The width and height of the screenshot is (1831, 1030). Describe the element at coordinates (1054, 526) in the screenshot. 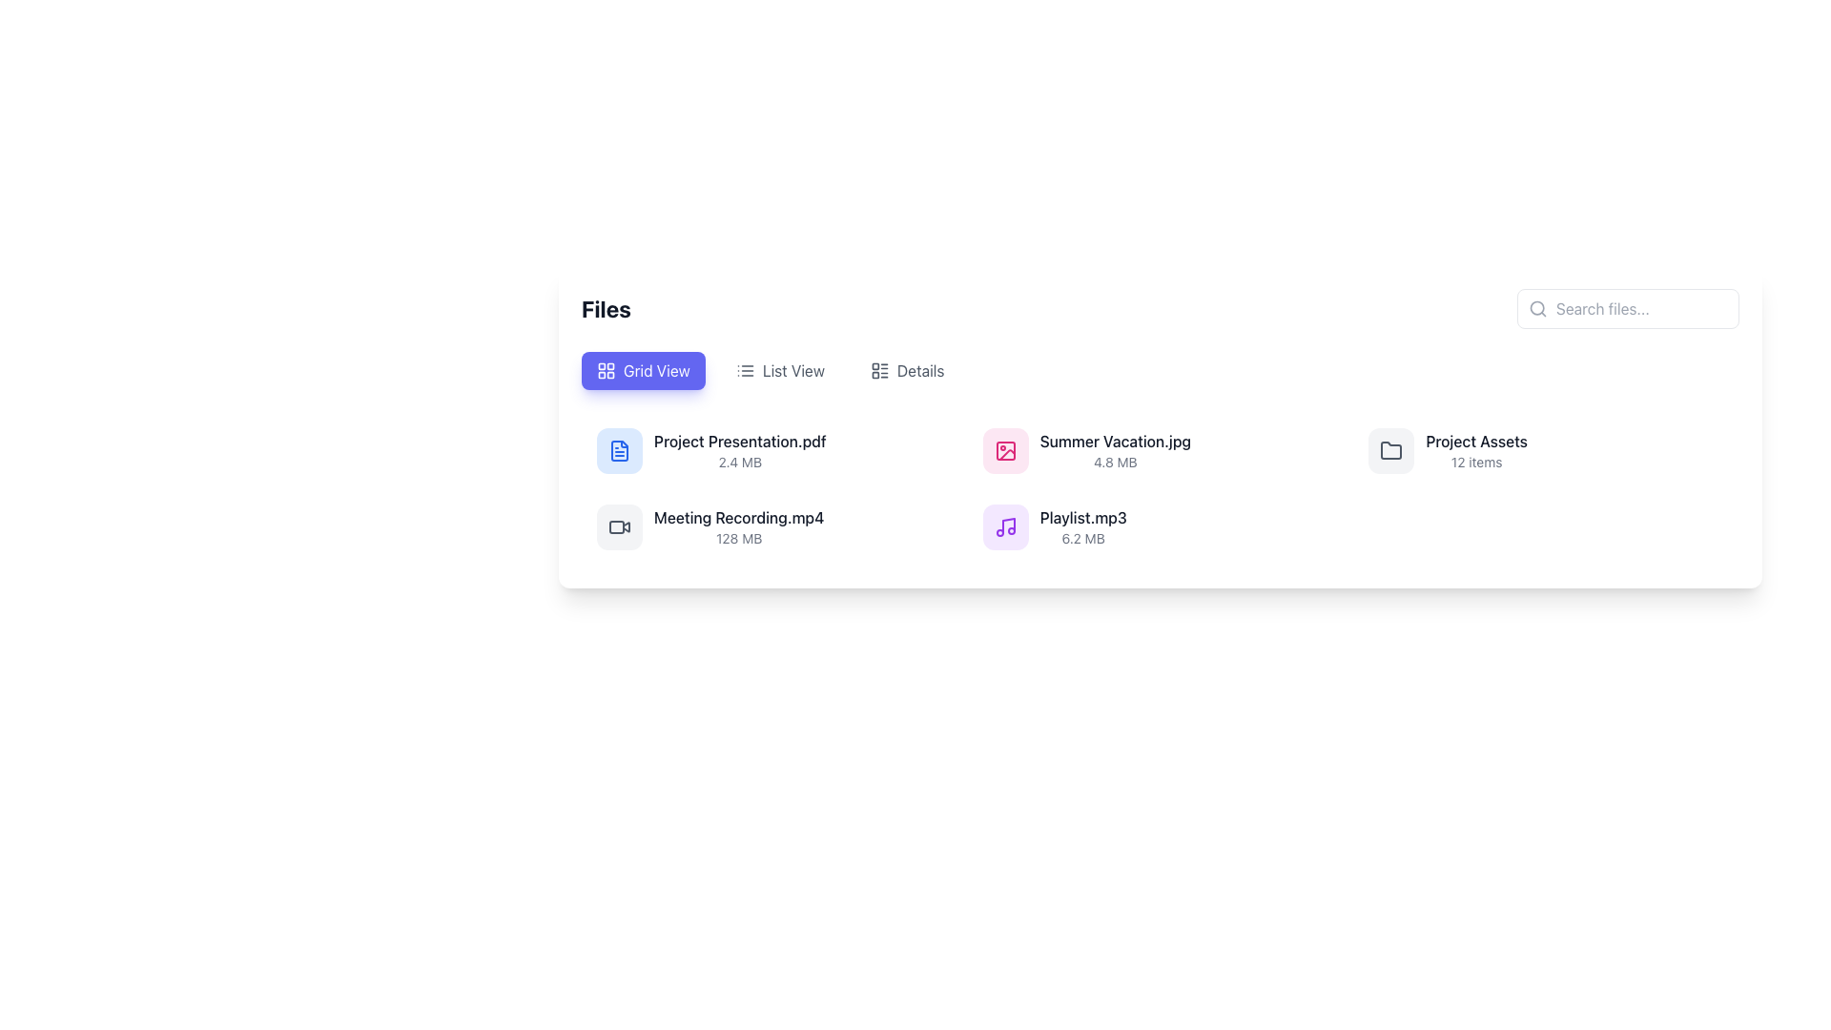

I see `the file entry component displaying 'Playlist.mp3' with a music icon, which is the fourth item in the file list` at that location.